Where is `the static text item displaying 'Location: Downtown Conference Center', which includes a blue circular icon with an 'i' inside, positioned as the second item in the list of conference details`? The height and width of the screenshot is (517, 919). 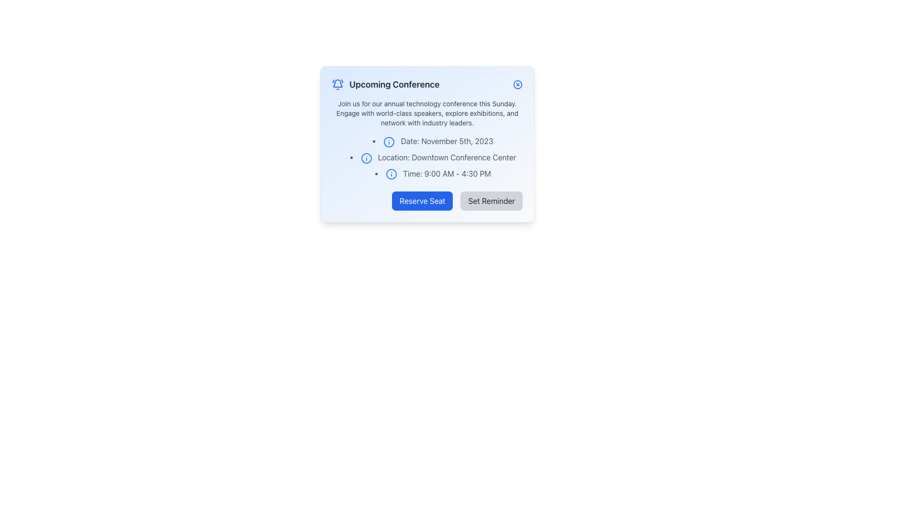
the static text item displaying 'Location: Downtown Conference Center', which includes a blue circular icon with an 'i' inside, positioned as the second item in the list of conference details is located at coordinates (433, 157).